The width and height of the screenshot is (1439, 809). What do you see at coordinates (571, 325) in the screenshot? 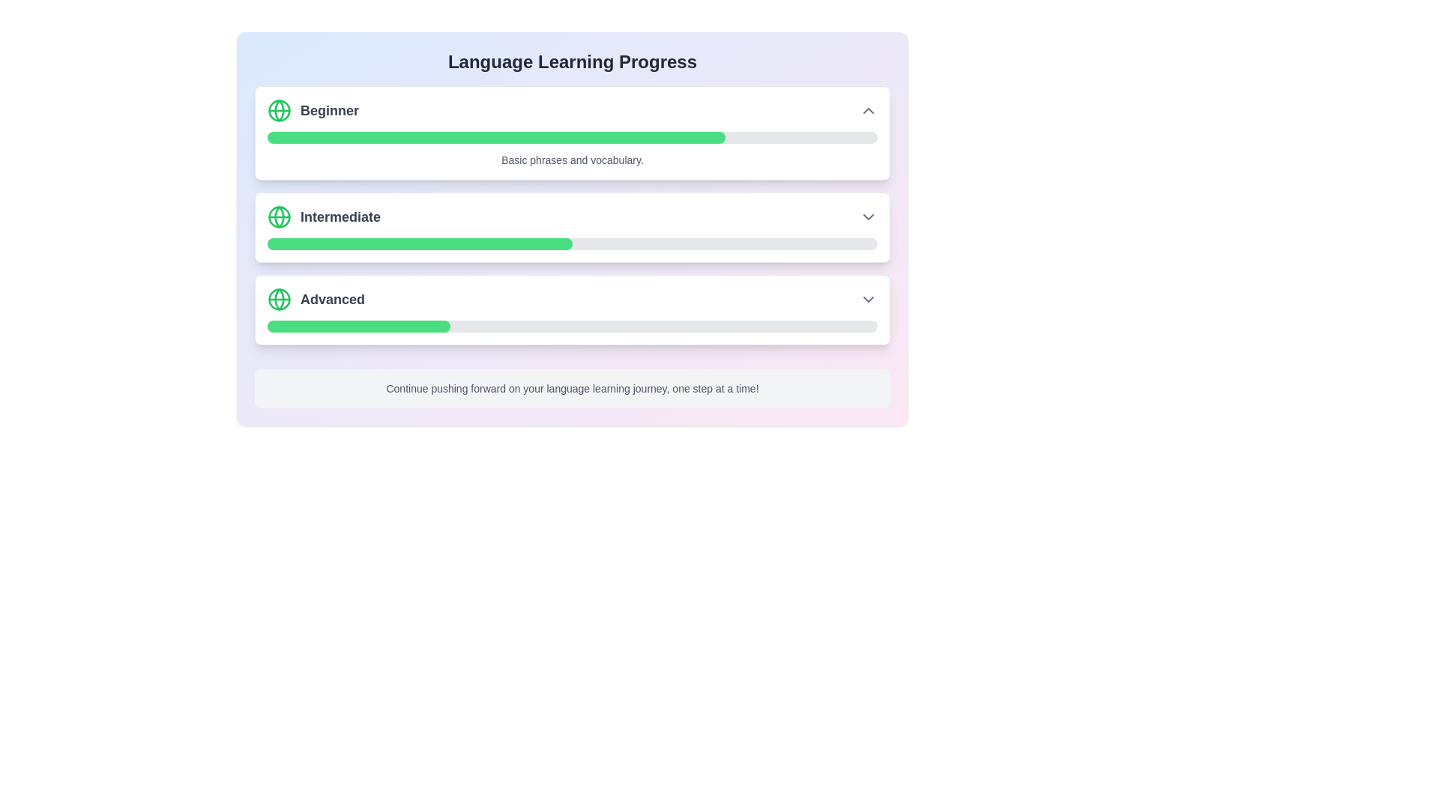
I see `the third progress bar located below the 'Advanced' label, which features a light gray background and a green-filled section indicating progress` at bounding box center [571, 325].